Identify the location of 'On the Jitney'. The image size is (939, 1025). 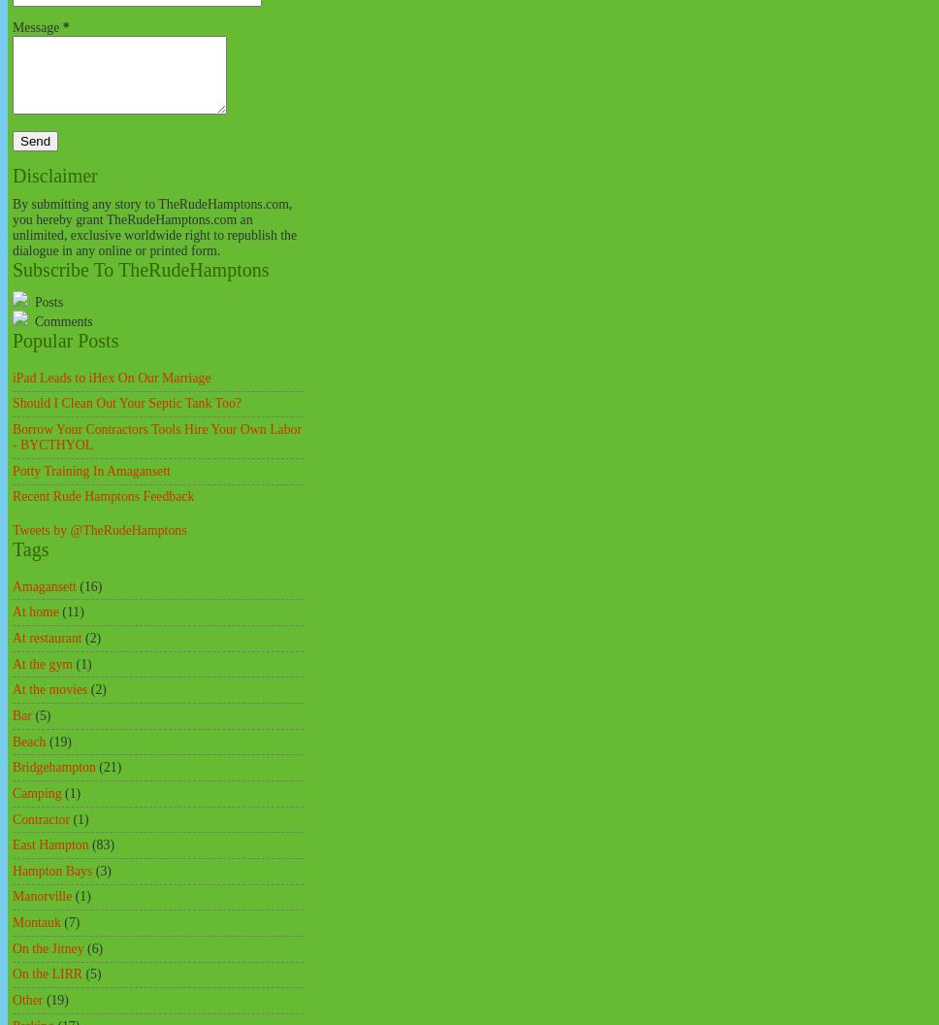
(47, 947).